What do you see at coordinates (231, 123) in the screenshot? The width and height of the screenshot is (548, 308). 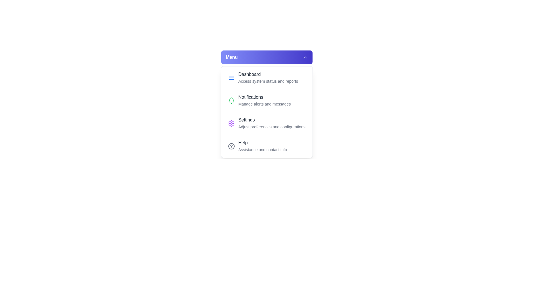 I see `the purple cogwheel icon located beside the 'Settings' text in the menu panel` at bounding box center [231, 123].